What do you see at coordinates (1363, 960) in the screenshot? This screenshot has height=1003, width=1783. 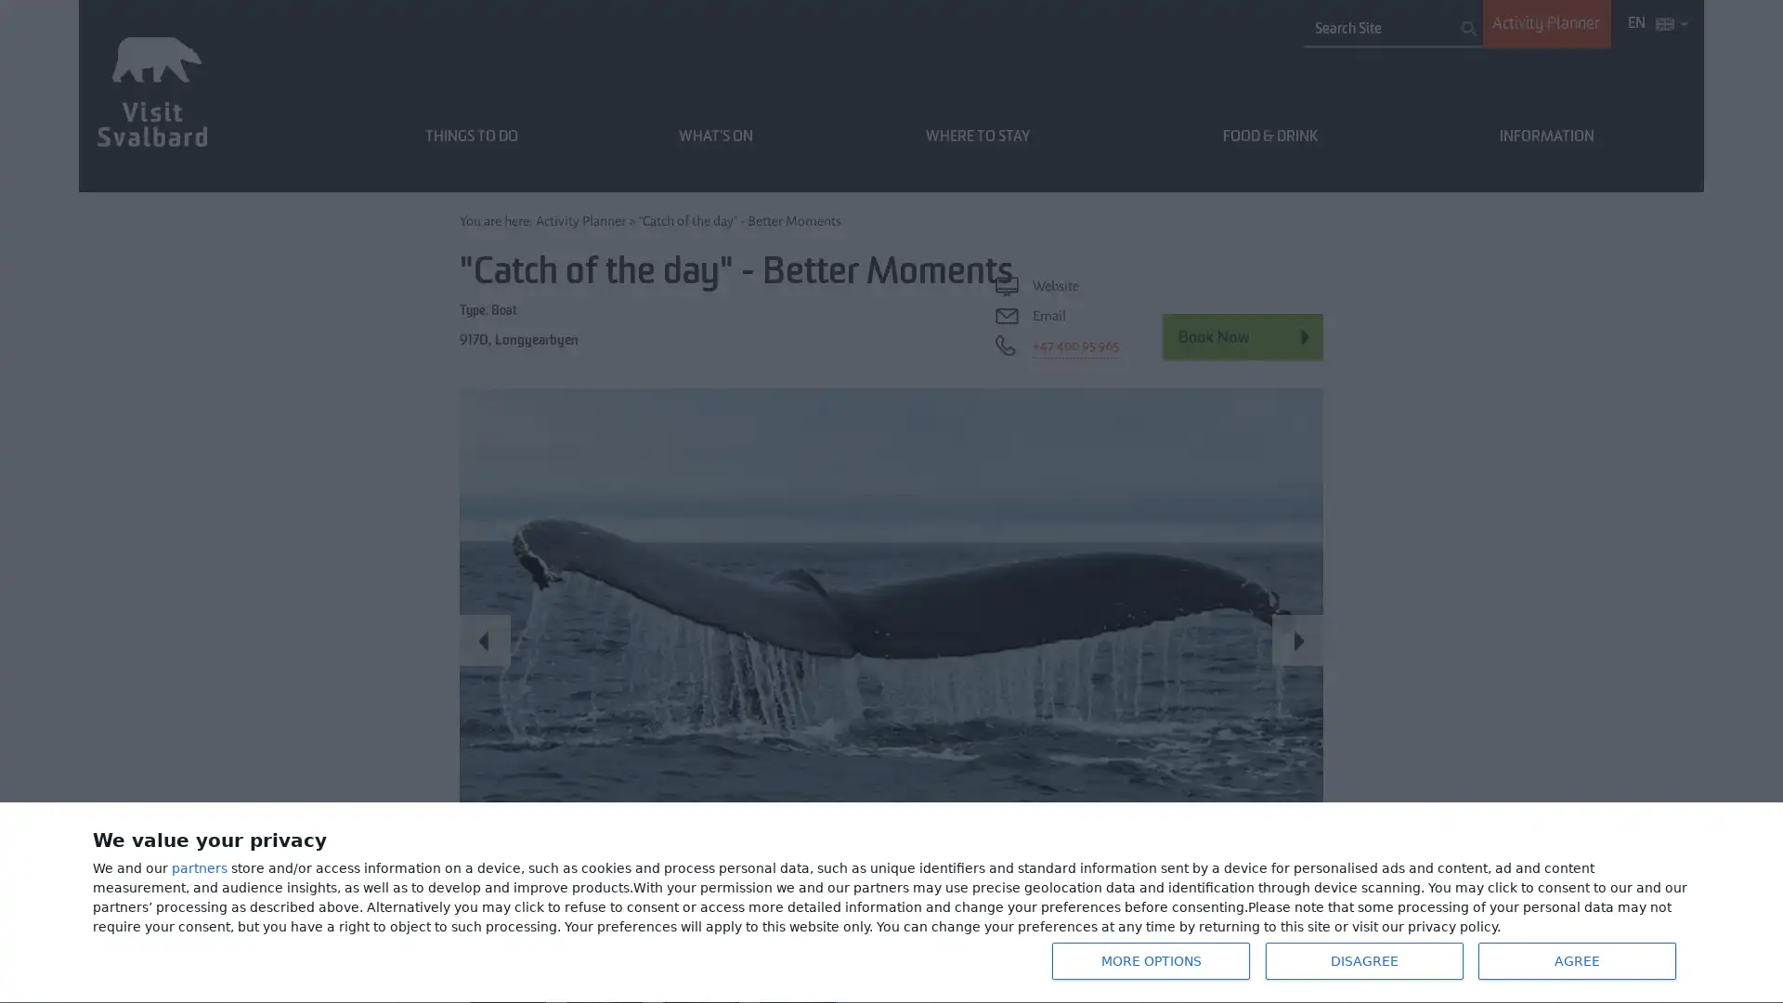 I see `DISAGREE` at bounding box center [1363, 960].